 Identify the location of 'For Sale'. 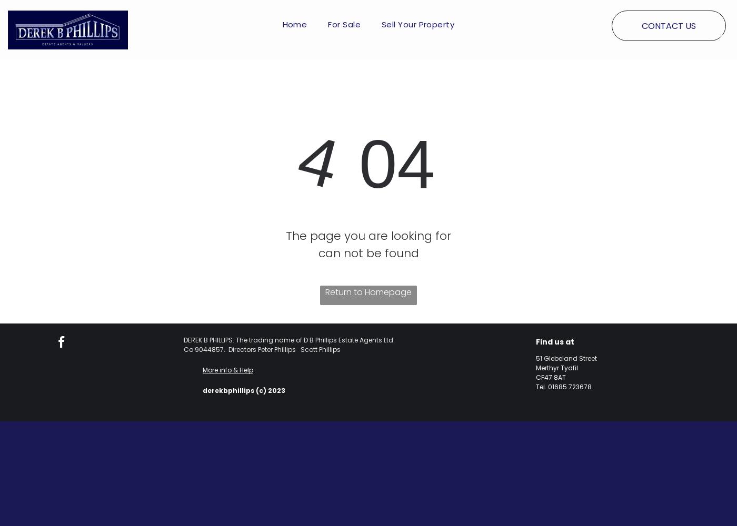
(344, 24).